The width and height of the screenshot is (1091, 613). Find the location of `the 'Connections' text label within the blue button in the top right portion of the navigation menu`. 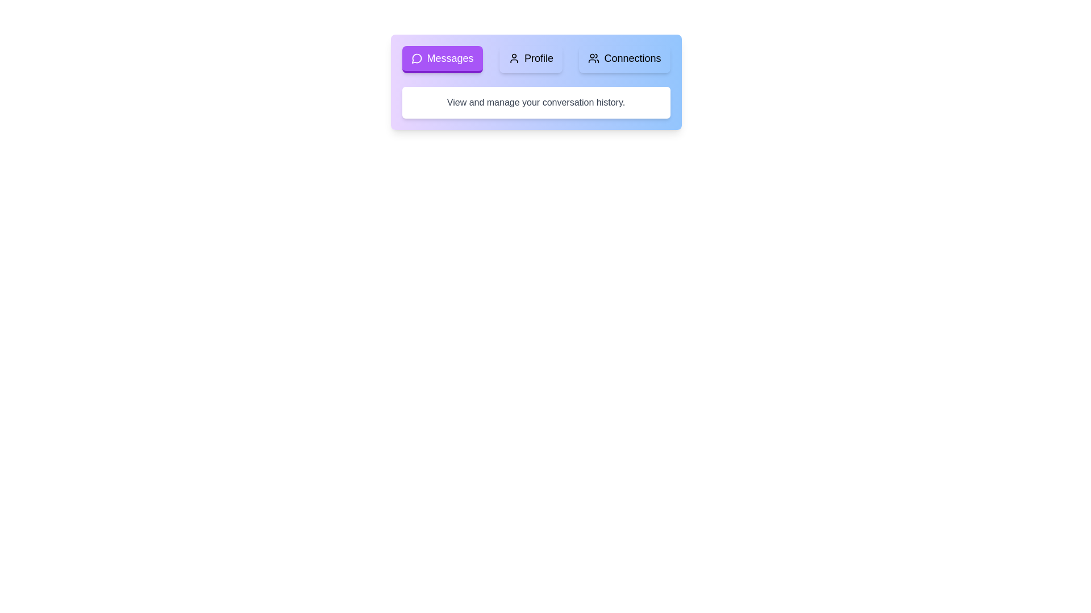

the 'Connections' text label within the blue button in the top right portion of the navigation menu is located at coordinates (632, 58).